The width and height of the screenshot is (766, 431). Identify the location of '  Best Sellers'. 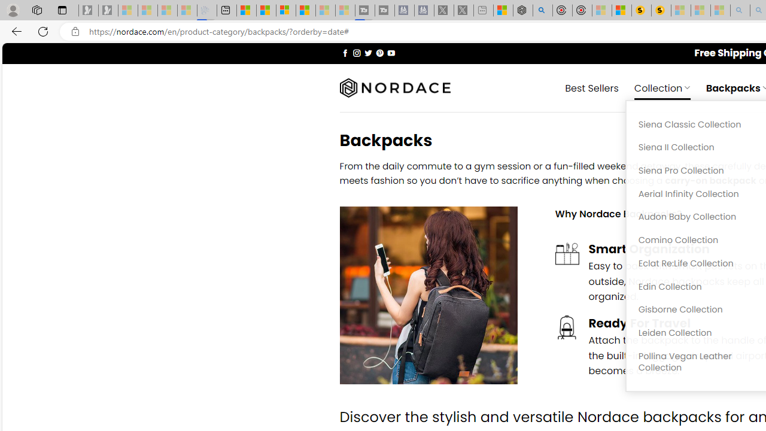
(592, 87).